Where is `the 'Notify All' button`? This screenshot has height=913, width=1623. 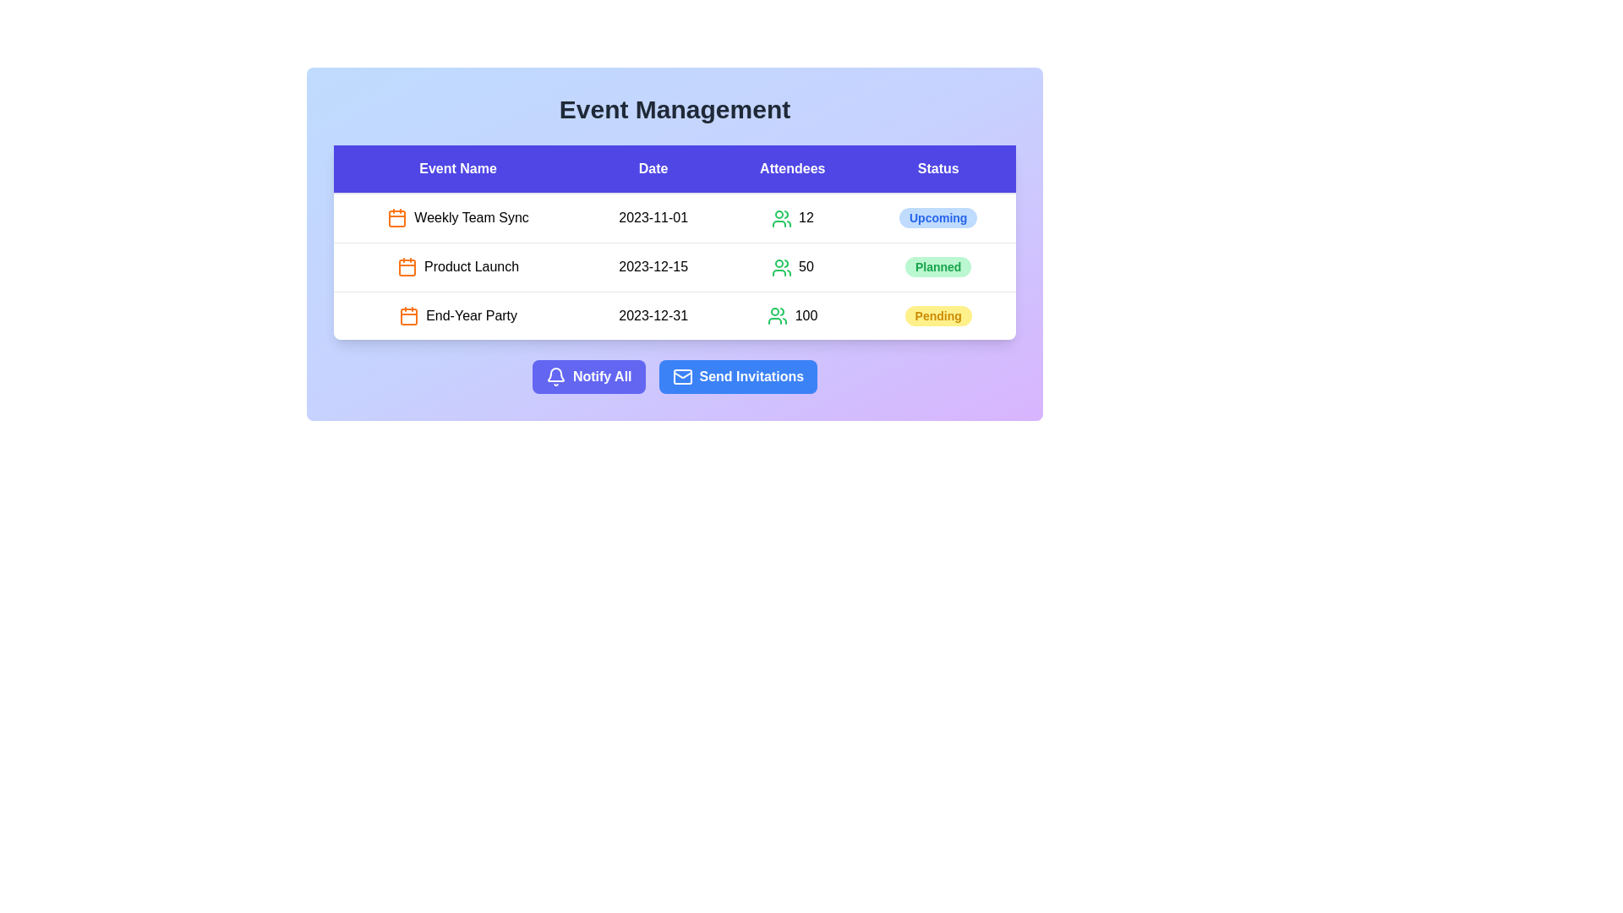
the 'Notify All' button is located at coordinates (588, 376).